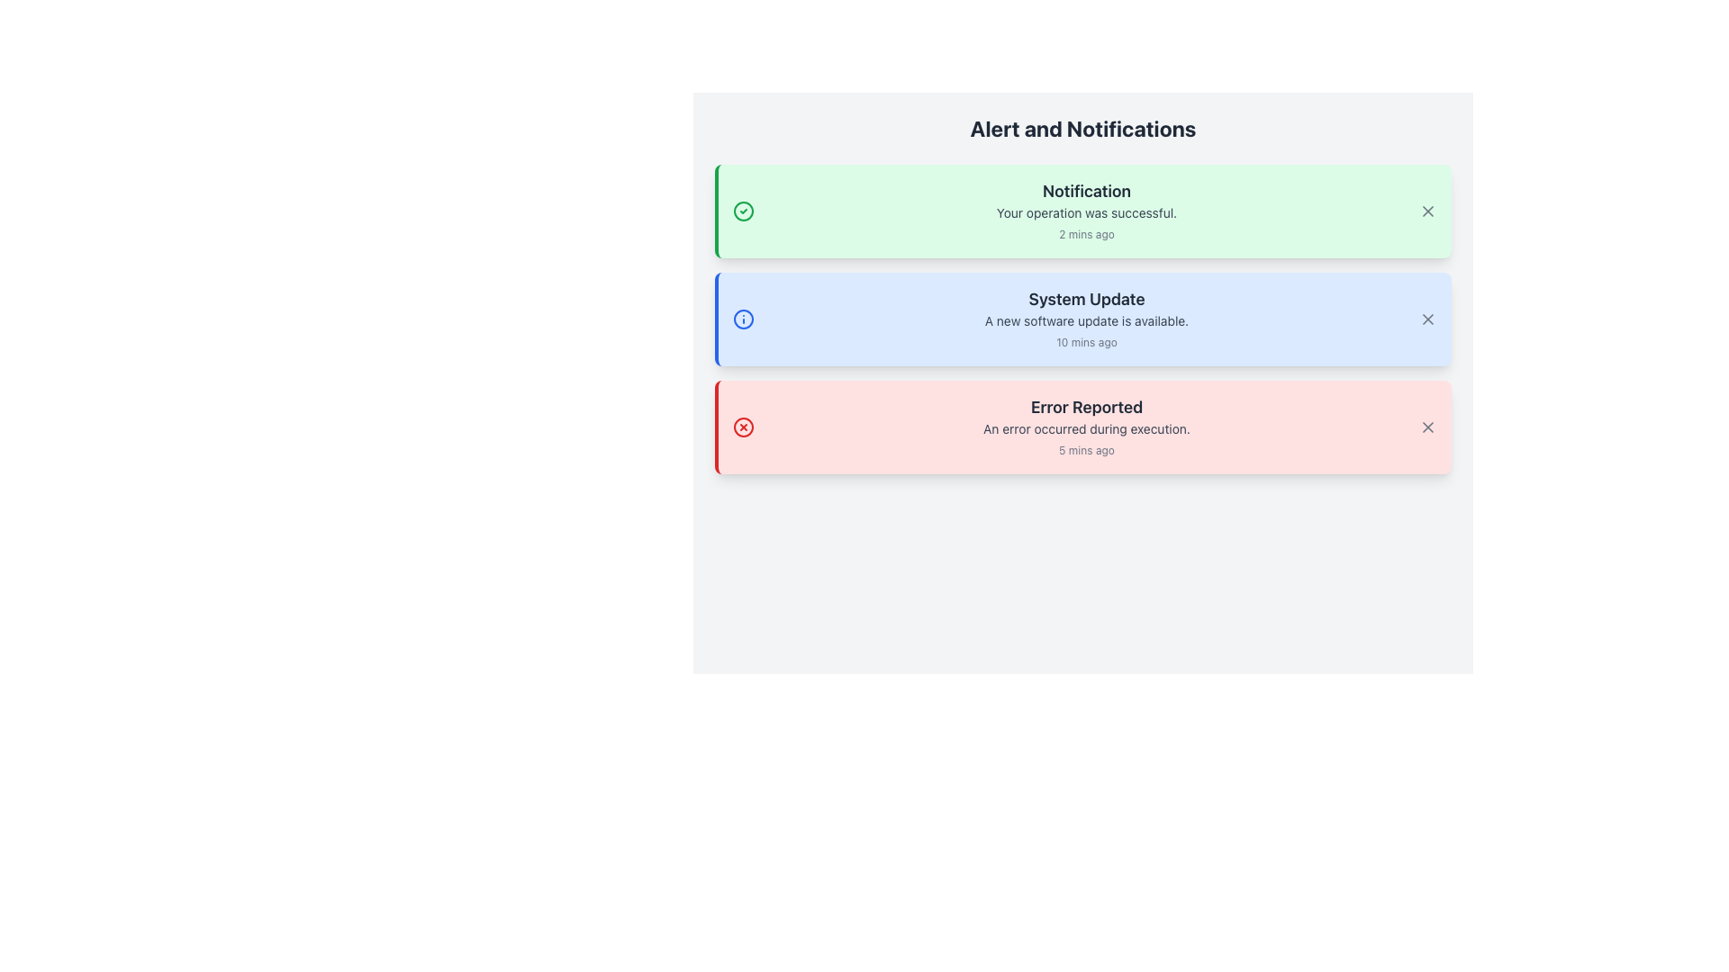 This screenshot has height=972, width=1729. What do you see at coordinates (1085, 320) in the screenshot?
I see `the notification message Text Label indicating the availability of a new software update, located under the title 'System Update'` at bounding box center [1085, 320].